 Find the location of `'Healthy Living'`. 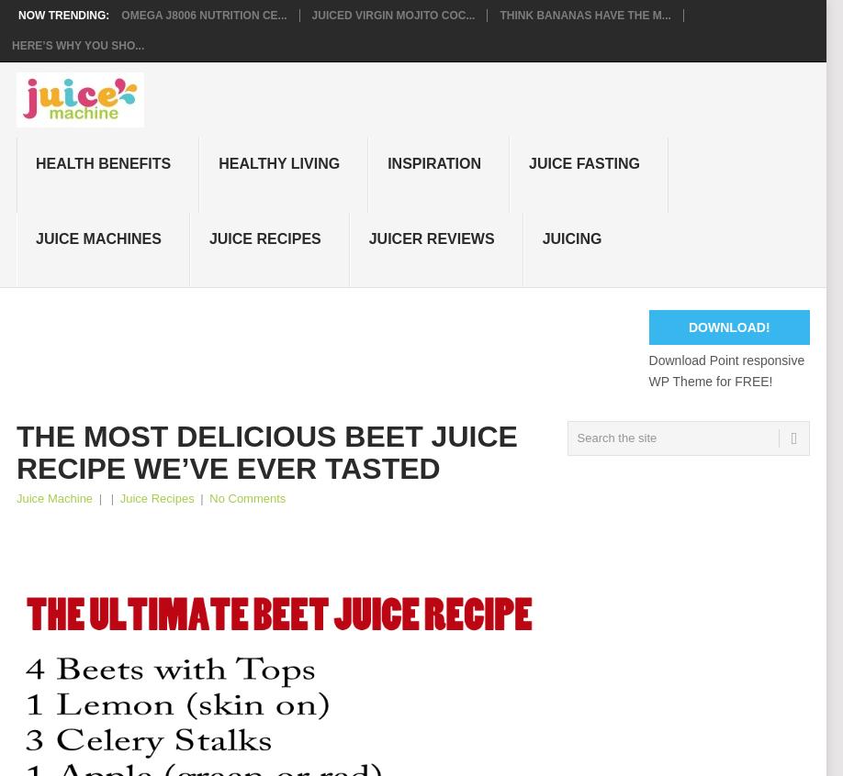

'Healthy Living' is located at coordinates (278, 161).